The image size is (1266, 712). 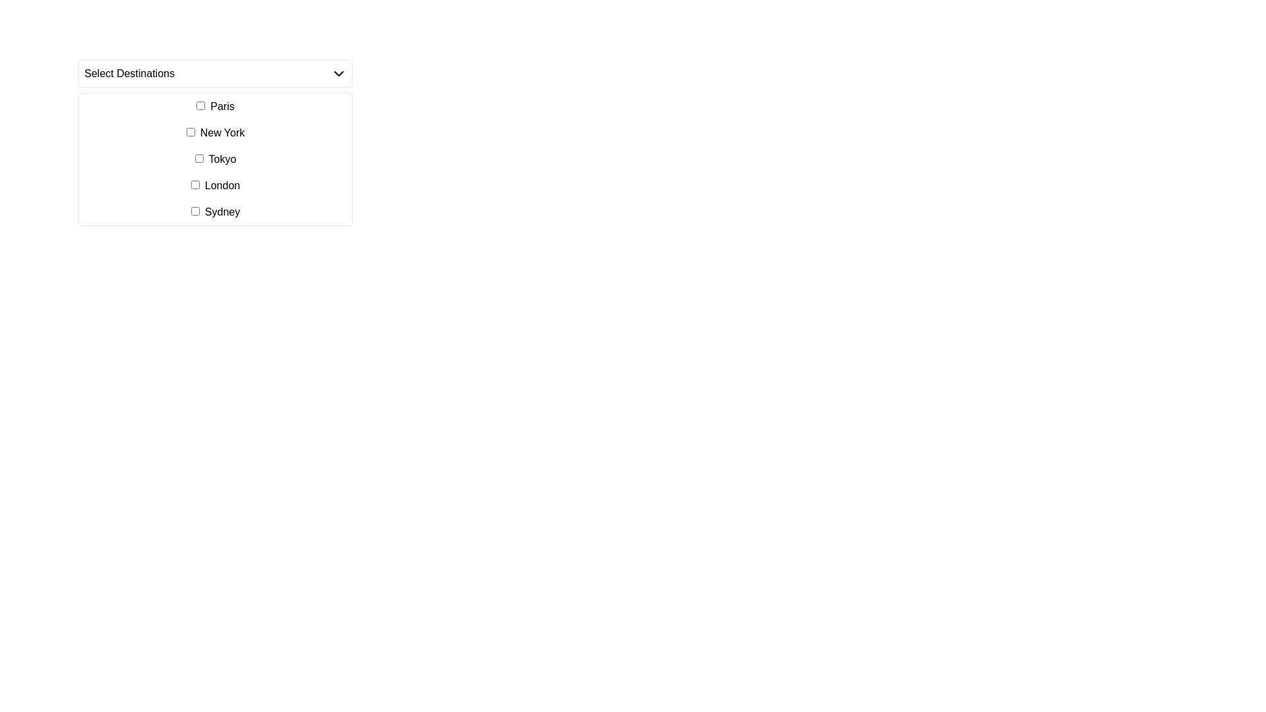 I want to click on the checkbox labeled 'Sydney' located in the dropdown menu titled 'Select Destinations', so click(x=195, y=210).